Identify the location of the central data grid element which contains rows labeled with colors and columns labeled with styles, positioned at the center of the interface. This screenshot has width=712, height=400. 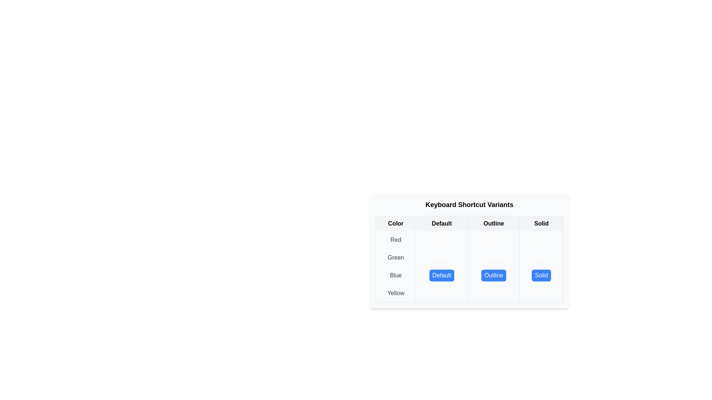
(469, 267).